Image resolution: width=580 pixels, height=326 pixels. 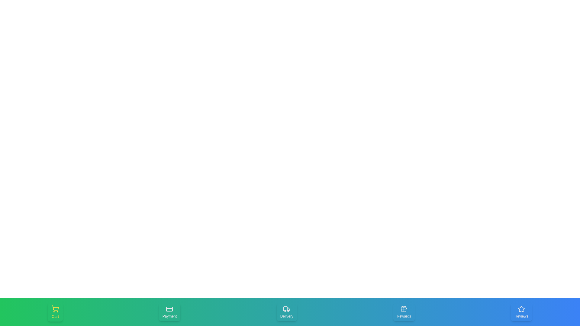 What do you see at coordinates (286, 312) in the screenshot?
I see `the Delivery tab in the bottom navigation bar` at bounding box center [286, 312].